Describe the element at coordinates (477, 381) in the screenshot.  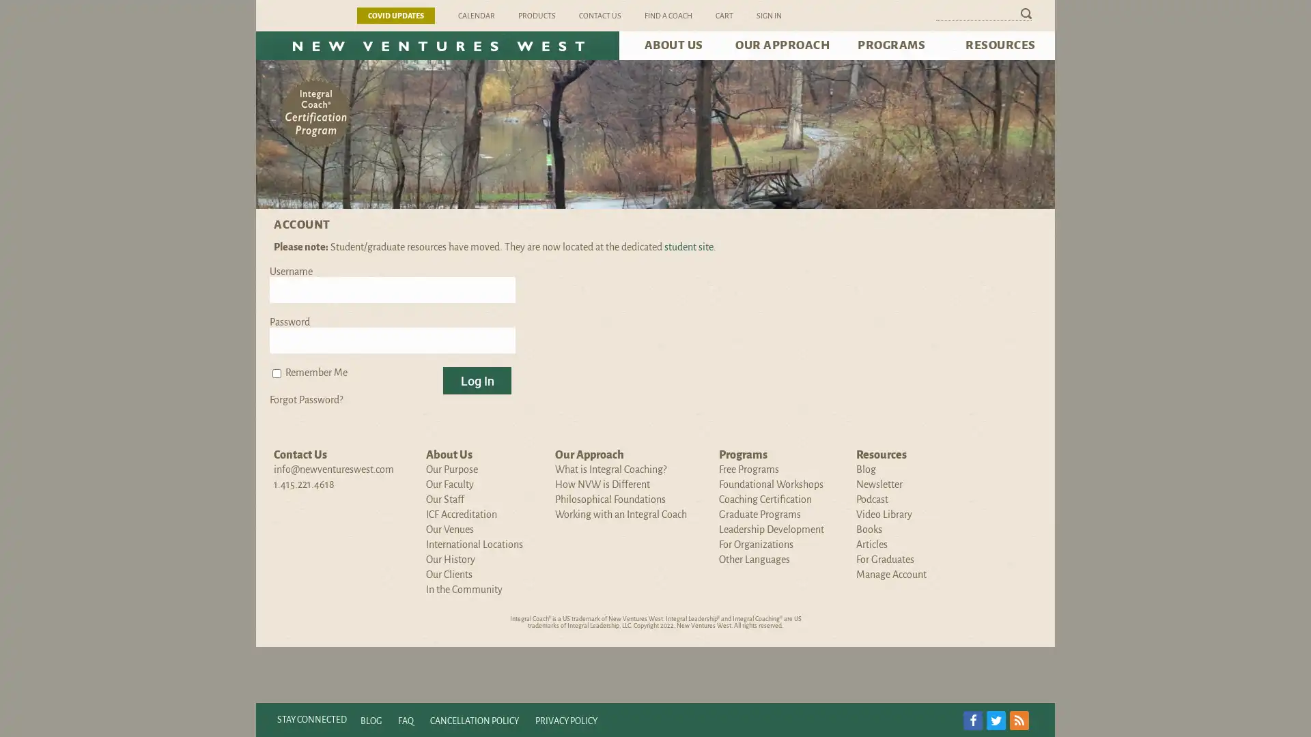
I see `Log In` at that location.